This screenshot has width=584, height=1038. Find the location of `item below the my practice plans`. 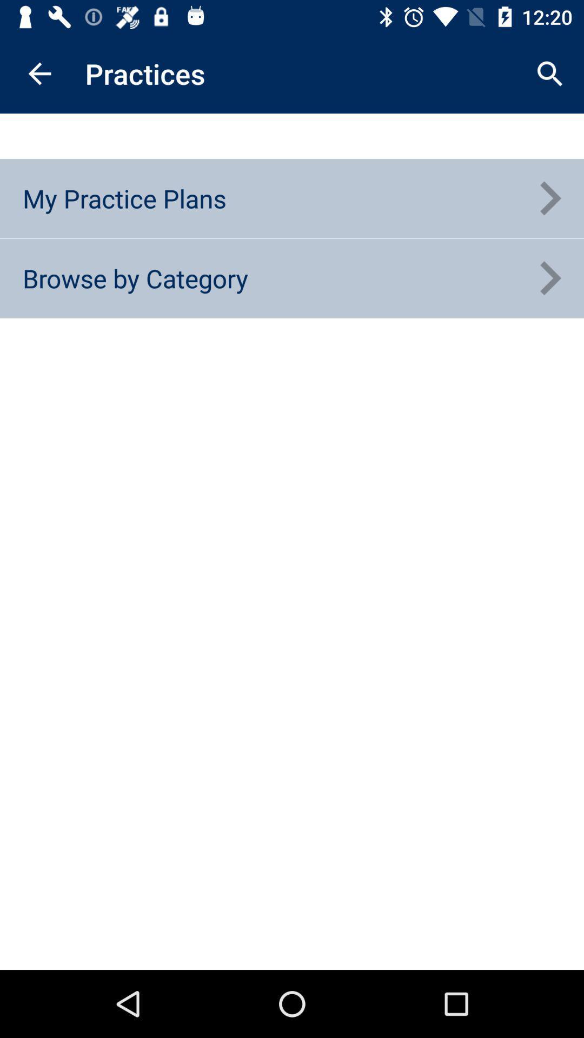

item below the my practice plans is located at coordinates (135, 278).